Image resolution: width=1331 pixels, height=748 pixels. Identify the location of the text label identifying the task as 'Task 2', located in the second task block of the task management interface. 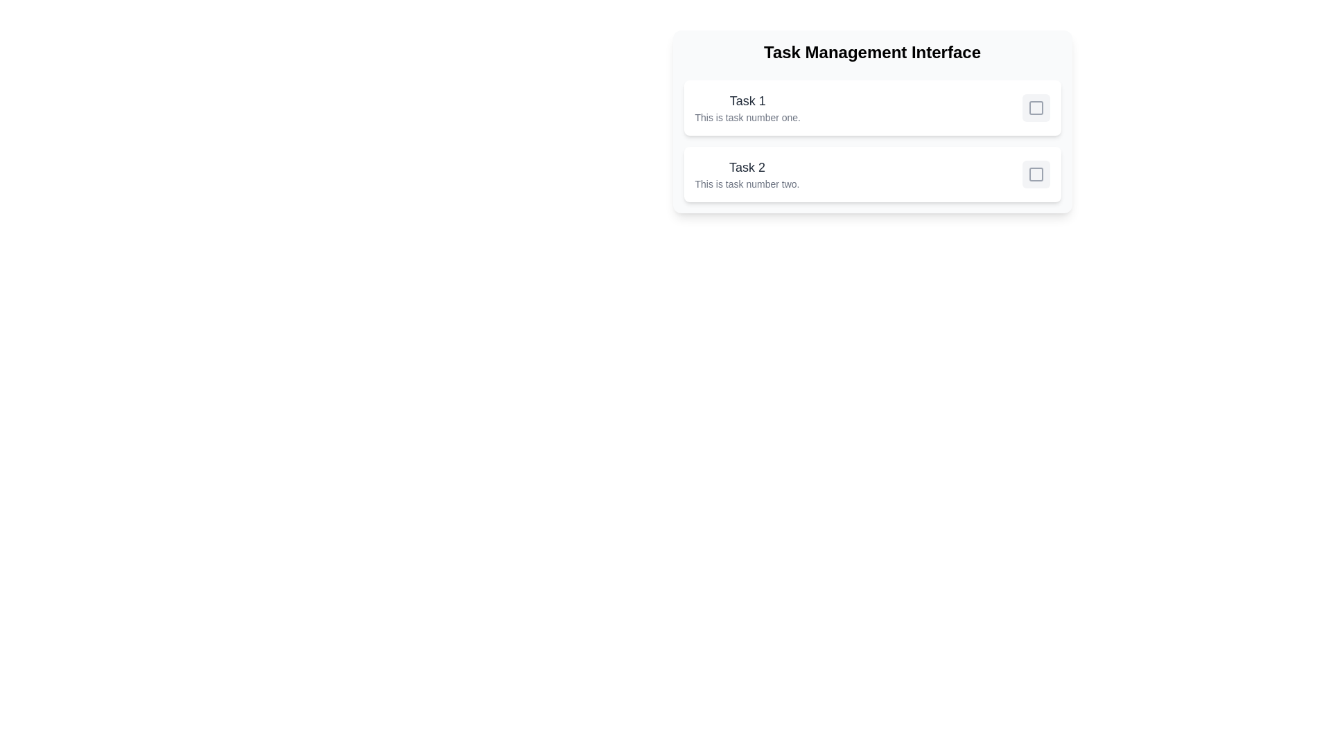
(746, 167).